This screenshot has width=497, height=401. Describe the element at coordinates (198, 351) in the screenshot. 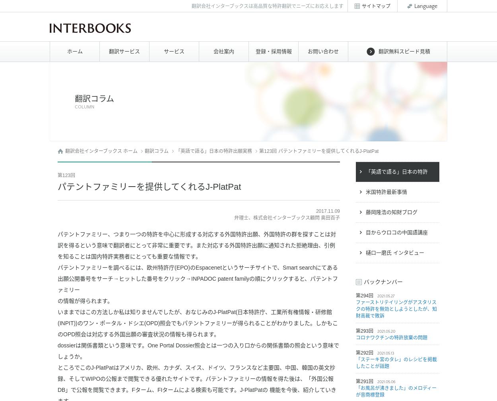

I see `'dossierは関係書類という意味です。One Portal Dossier照会とは一つの入り口からの関係書類の照会という意味でしょうか。'` at that location.